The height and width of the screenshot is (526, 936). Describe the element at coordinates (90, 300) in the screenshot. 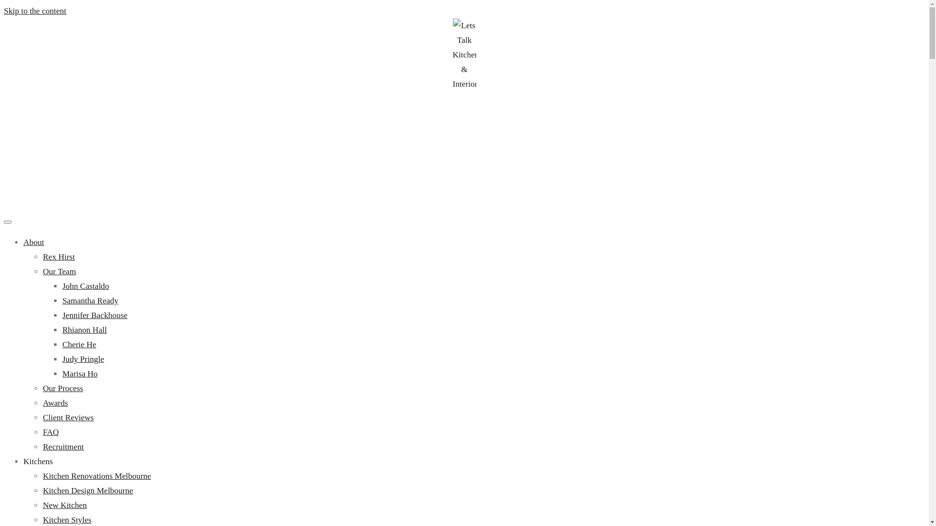

I see `'Samantha Ready'` at that location.